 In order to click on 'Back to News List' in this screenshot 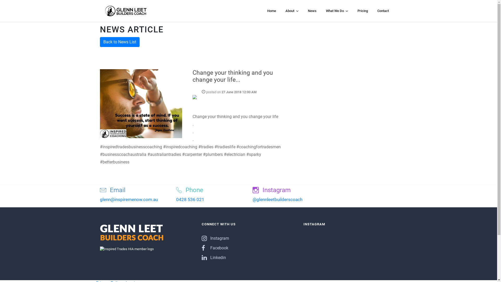, I will do `click(119, 42)`.